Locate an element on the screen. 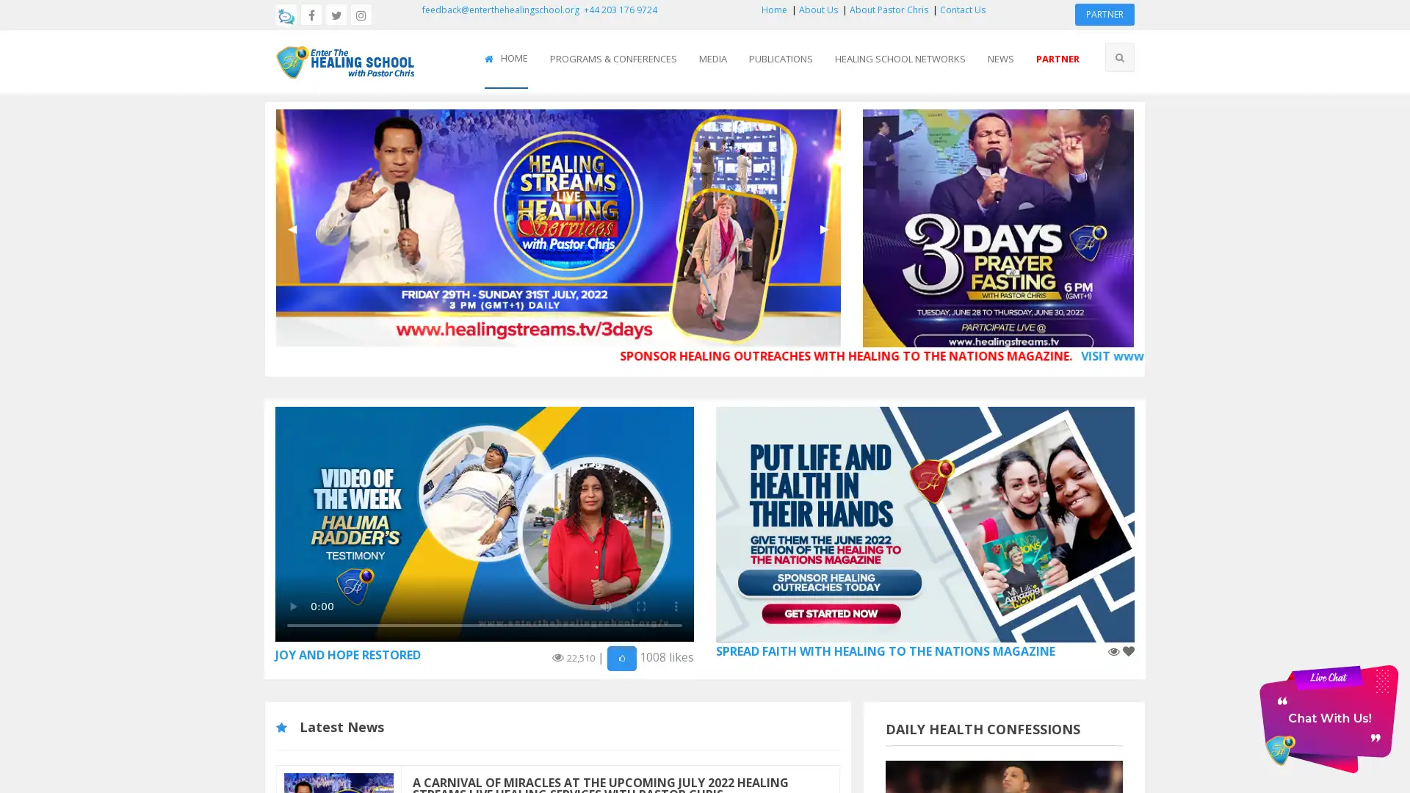  mute is located at coordinates (606, 606).